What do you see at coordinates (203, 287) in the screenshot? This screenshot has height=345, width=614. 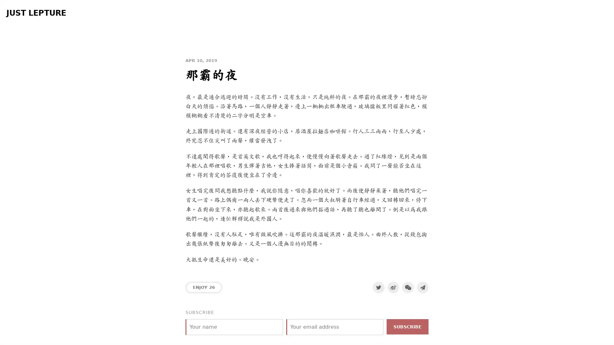 I see `ENJOY26` at bounding box center [203, 287].